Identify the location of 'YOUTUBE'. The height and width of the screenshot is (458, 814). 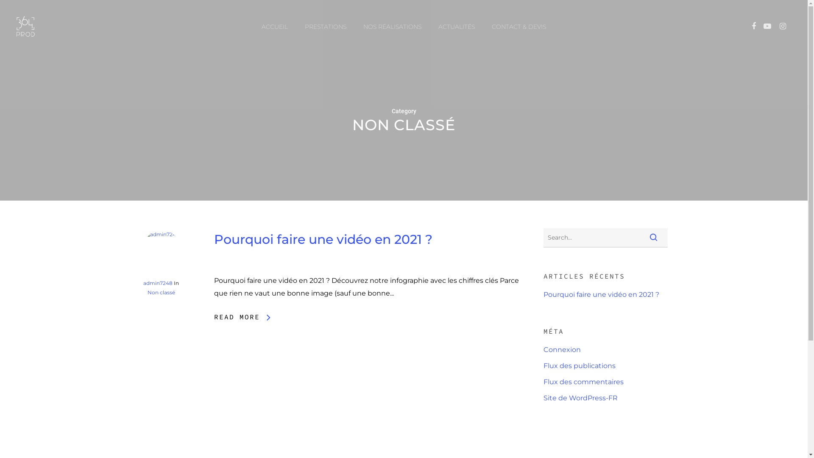
(767, 26).